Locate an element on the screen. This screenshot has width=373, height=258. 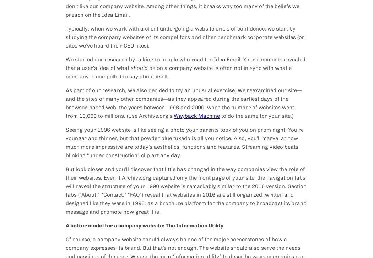
'As part of our research, we also decided to try an unusual exercise. We reexamined our site—and the sites of many other companies—as they appeared during the earliest days of the browser-based web, the years between 1996 and 2000, when the number of websites went from 10,000 to millions. (Use Archive.org’s' is located at coordinates (183, 103).